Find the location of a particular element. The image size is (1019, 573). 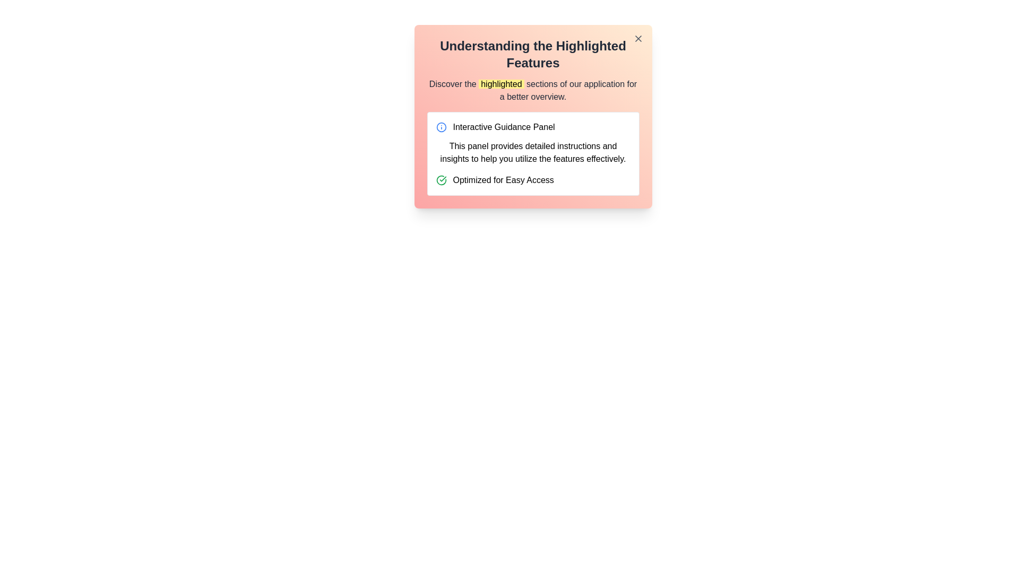

the styling of the Styled Text that emphasizes the word 'highlighted' in the informational panel's description, located in the second line after 'Discover the' is located at coordinates (500, 83).